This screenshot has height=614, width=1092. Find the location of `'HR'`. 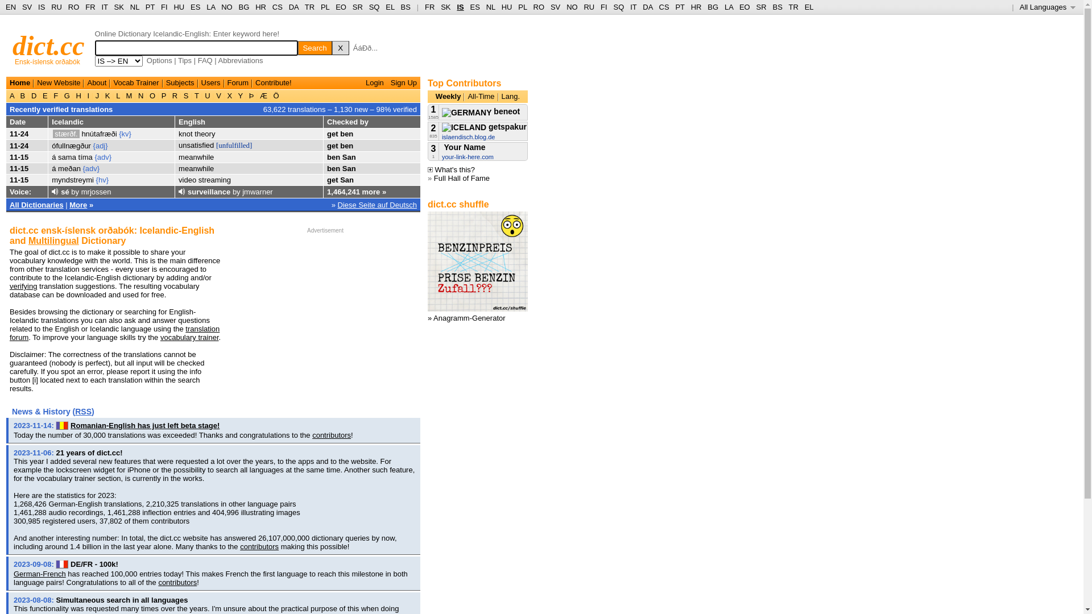

'HR' is located at coordinates (260, 7).